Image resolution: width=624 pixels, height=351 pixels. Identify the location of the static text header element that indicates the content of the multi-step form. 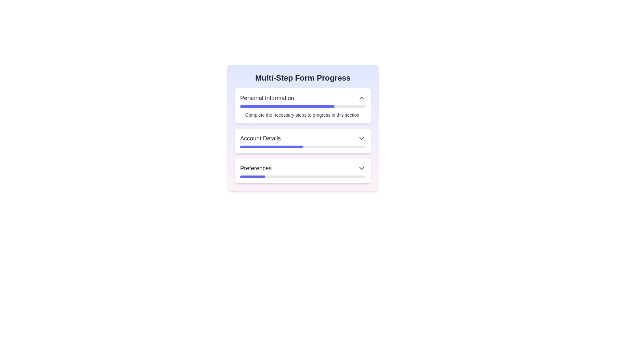
(302, 77).